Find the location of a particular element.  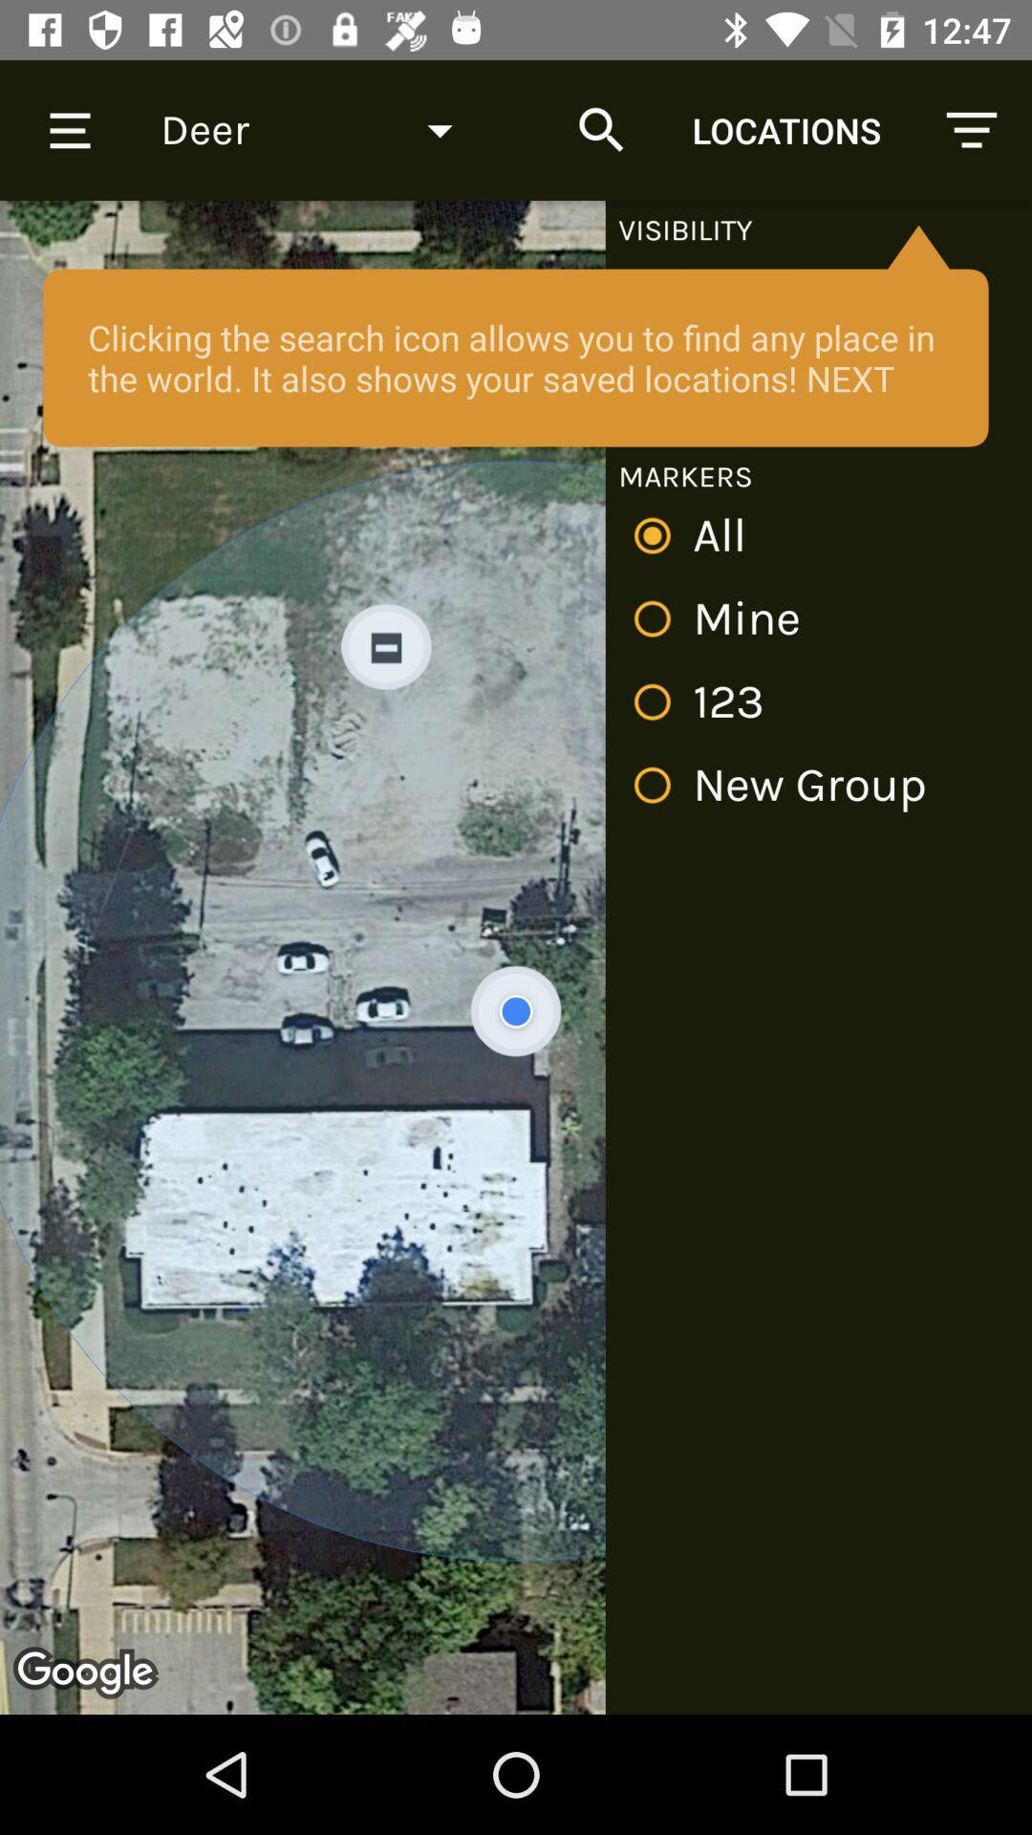

the logo on the web page is located at coordinates (88, 1673).